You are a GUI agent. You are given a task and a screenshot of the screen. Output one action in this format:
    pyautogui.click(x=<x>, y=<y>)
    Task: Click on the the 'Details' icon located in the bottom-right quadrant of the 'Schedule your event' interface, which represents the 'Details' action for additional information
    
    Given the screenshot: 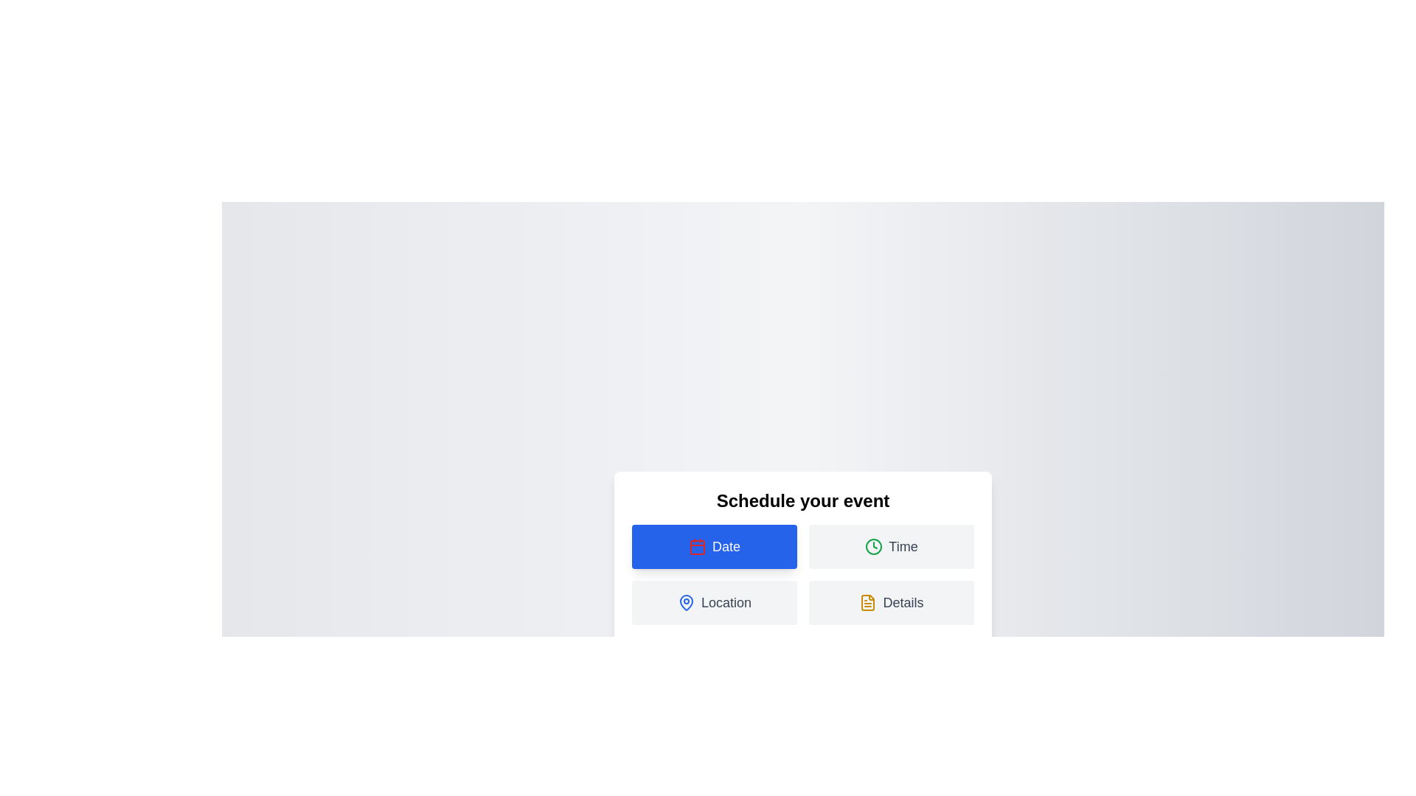 What is the action you would take?
    pyautogui.click(x=868, y=602)
    